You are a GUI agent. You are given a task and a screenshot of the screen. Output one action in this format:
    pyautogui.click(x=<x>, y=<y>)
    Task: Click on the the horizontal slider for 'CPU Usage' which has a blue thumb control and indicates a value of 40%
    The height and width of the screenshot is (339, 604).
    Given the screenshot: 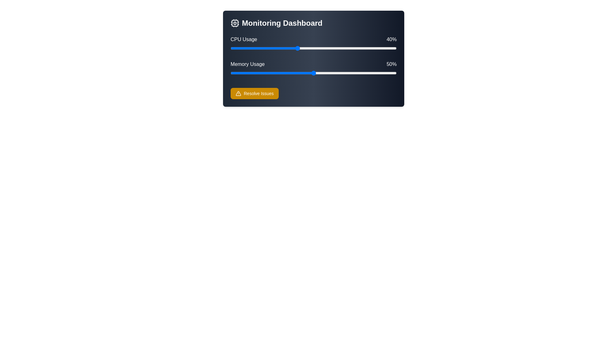 What is the action you would take?
    pyautogui.click(x=314, y=48)
    